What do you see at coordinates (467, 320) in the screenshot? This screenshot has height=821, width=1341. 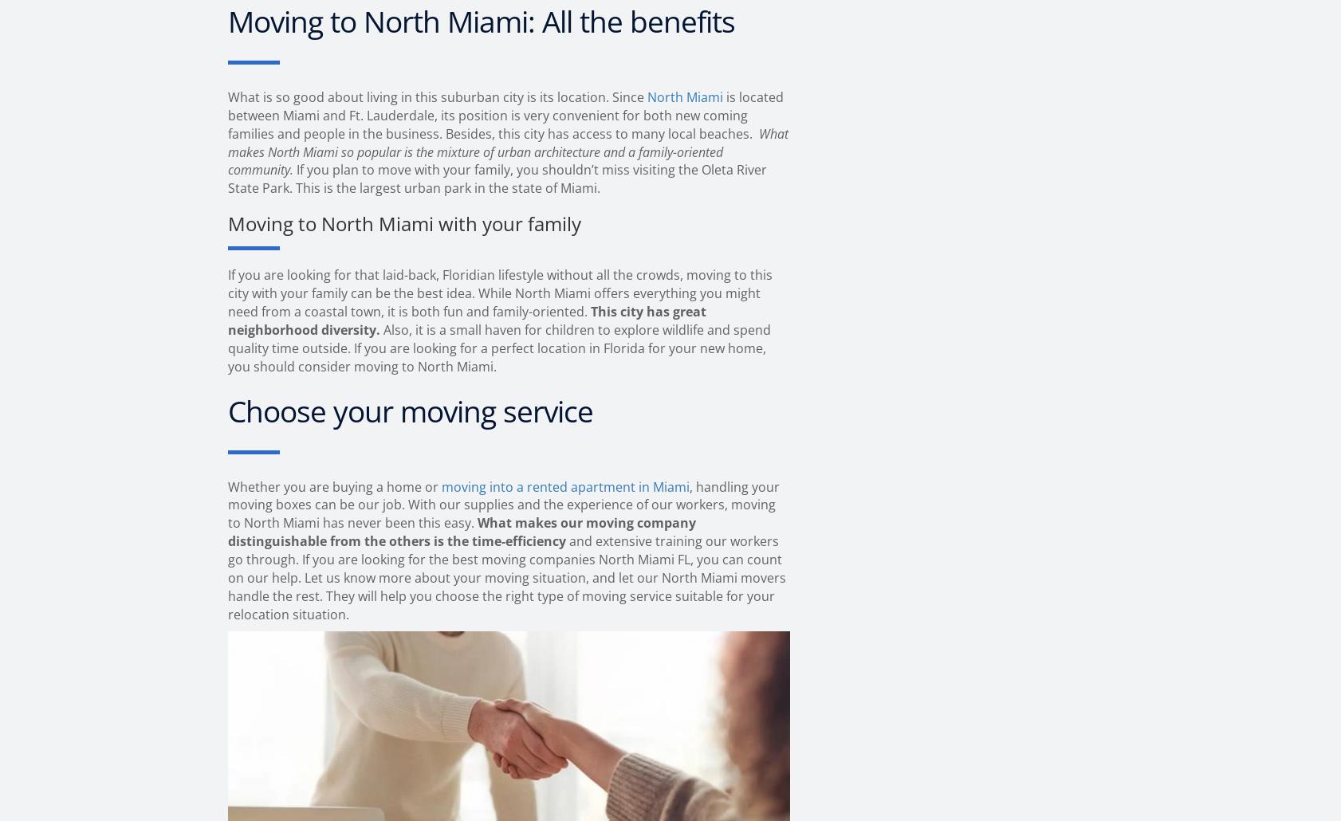 I see `'This city has great neighborhood diversity.'` at bounding box center [467, 320].